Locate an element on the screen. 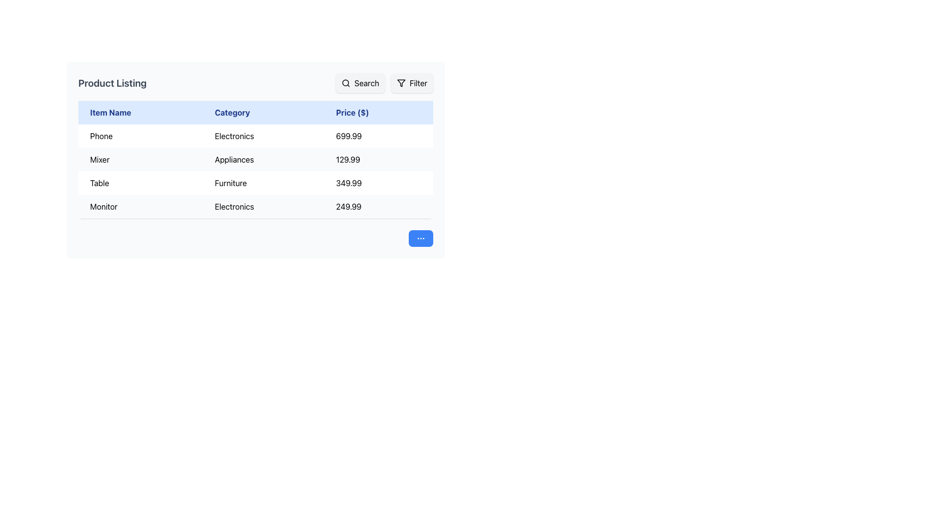 This screenshot has height=529, width=941. the bold text element reading 'Product Listing' located at the top left of the section is located at coordinates (112, 82).